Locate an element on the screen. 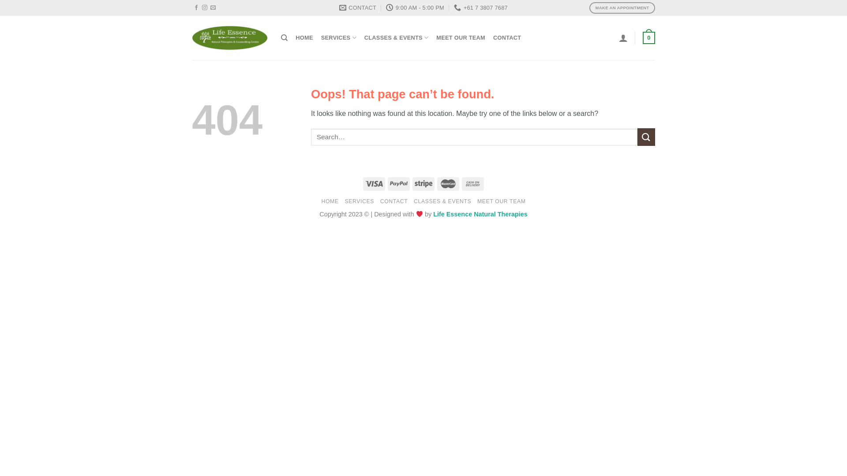 This screenshot has width=847, height=476. 'MAKE AN APPOINTMENT' is located at coordinates (589, 7).